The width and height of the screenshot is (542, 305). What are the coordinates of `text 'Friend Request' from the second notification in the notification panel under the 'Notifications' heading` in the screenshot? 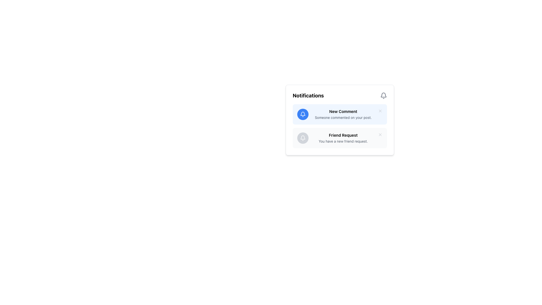 It's located at (343, 135).